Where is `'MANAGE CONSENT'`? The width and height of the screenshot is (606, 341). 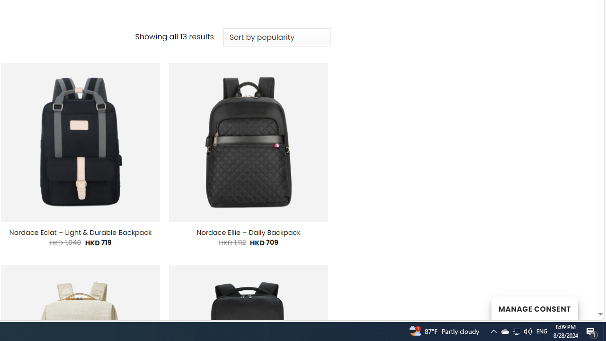
'MANAGE CONSENT' is located at coordinates (534, 308).